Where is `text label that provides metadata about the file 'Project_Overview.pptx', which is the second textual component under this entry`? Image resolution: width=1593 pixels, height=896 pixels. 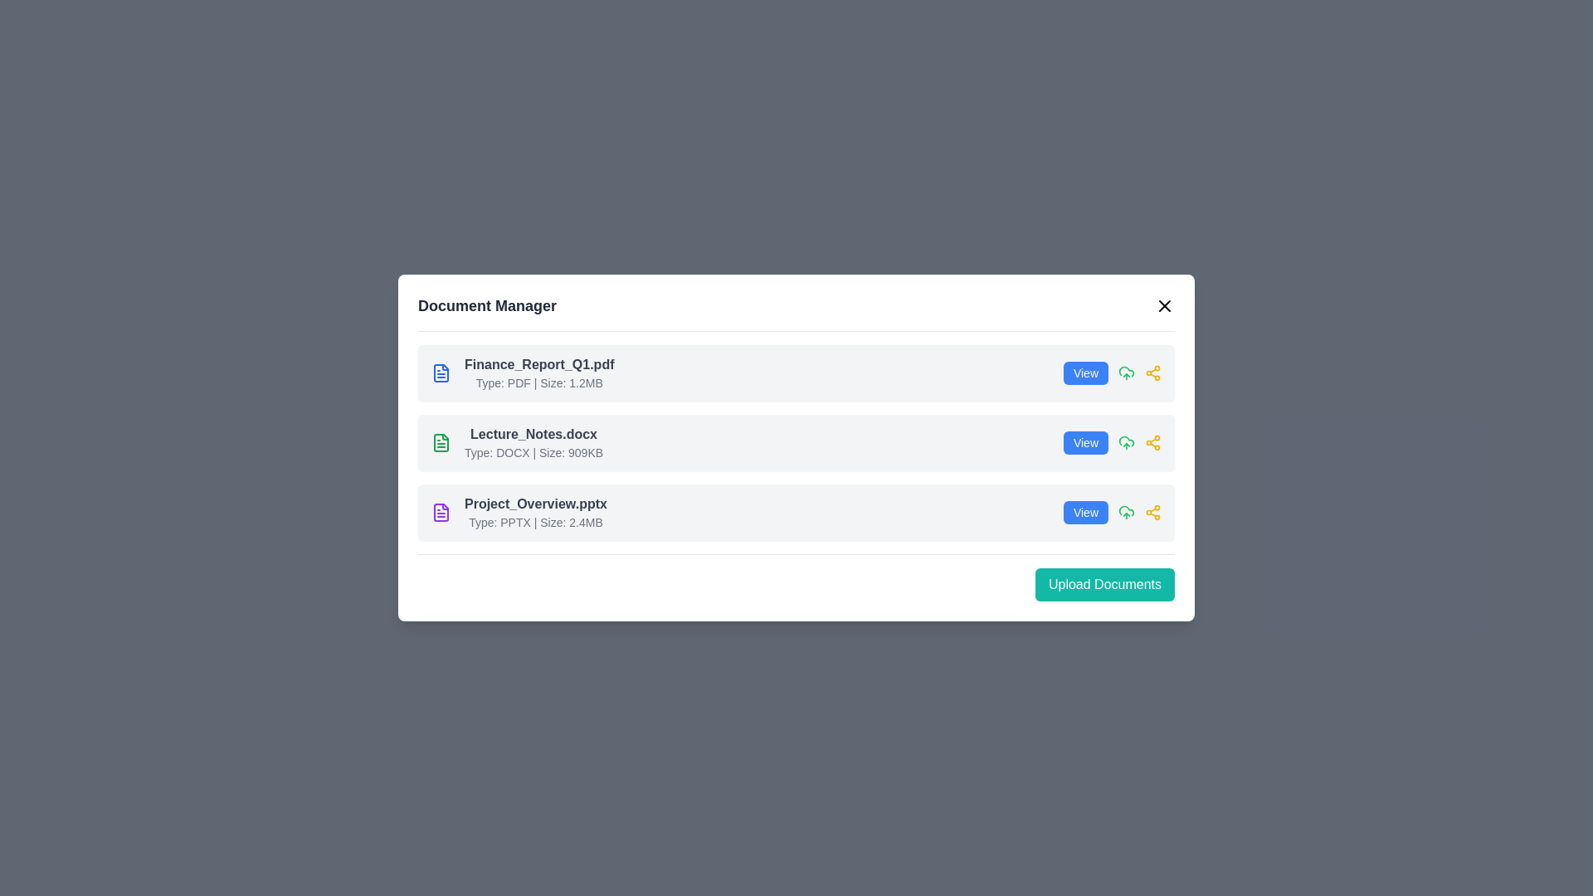
text label that provides metadata about the file 'Project_Overview.pptx', which is the second textual component under this entry is located at coordinates (535, 521).